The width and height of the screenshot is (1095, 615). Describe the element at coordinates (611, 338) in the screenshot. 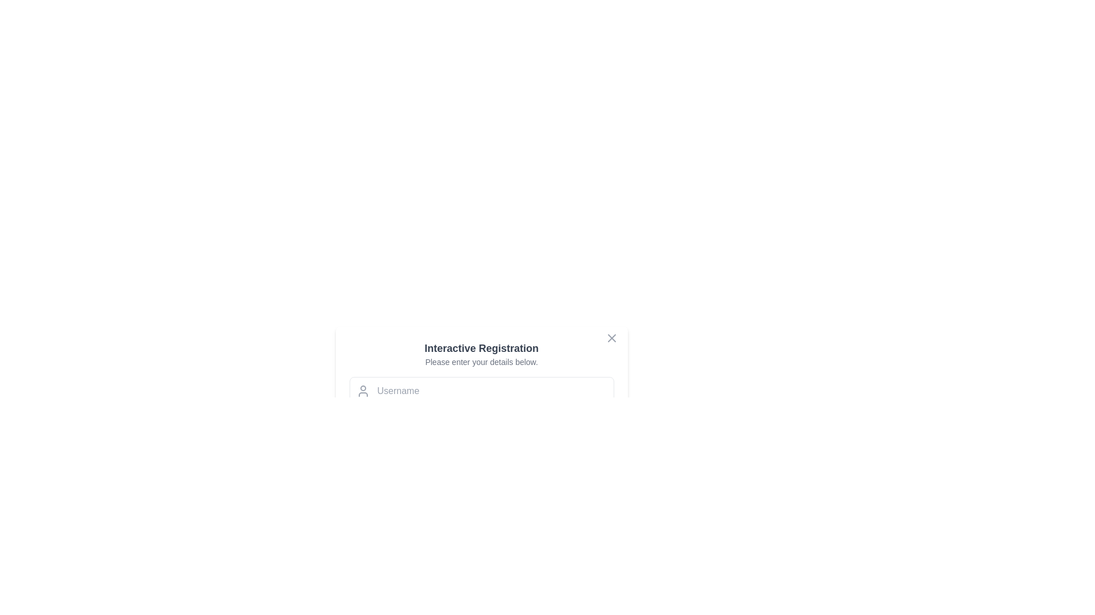

I see `the small square button with a gray 'X' icon located in the top-right corner of the 'Interactive Registration' form to change its color` at that location.